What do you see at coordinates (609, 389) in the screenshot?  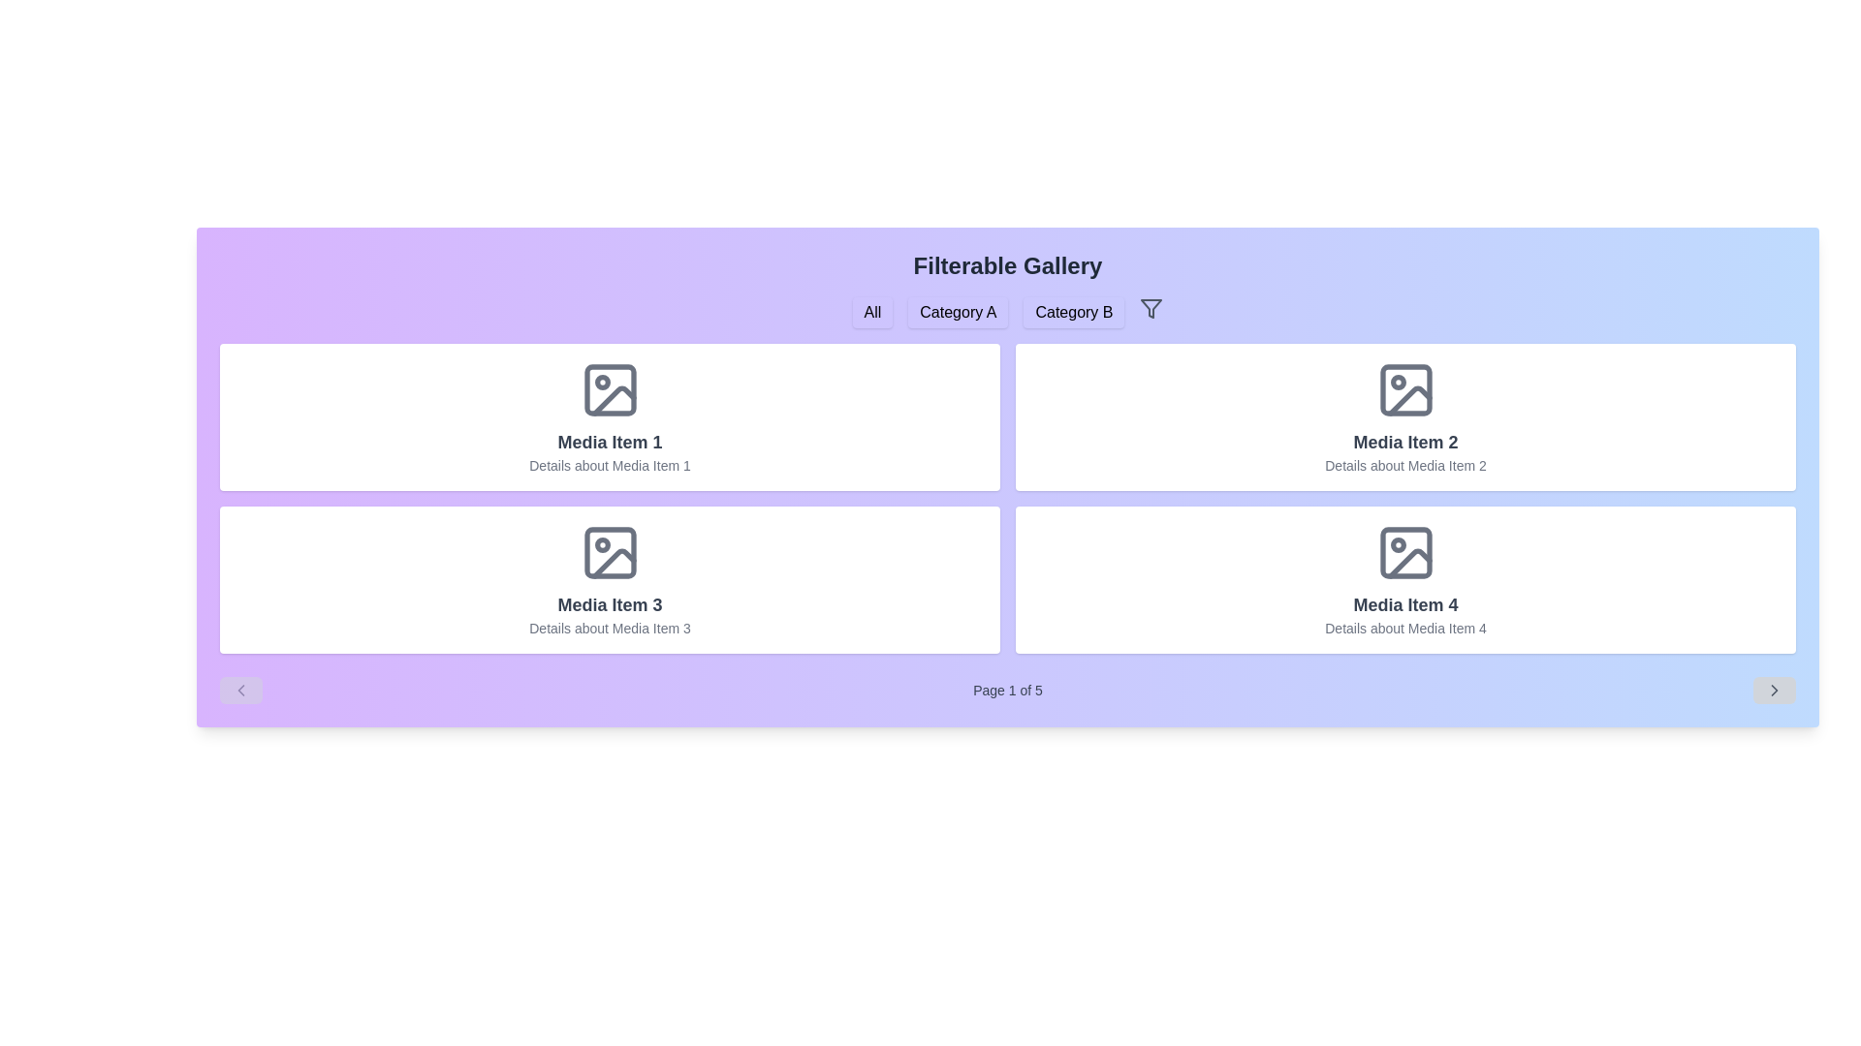 I see `the icon representing 'Media Item 1', located at the top-center of the card labeled 'Media Item 1', which is the top-left card in the grid layout of media items` at bounding box center [609, 389].